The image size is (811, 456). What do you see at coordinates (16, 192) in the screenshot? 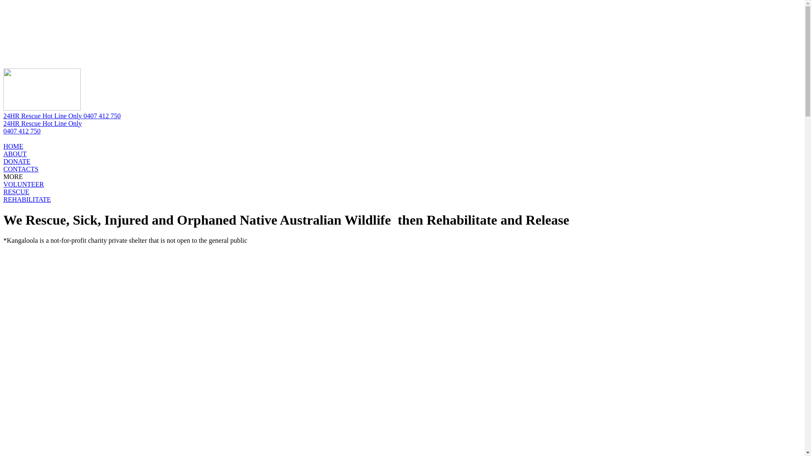
I see `'RESCUE'` at bounding box center [16, 192].